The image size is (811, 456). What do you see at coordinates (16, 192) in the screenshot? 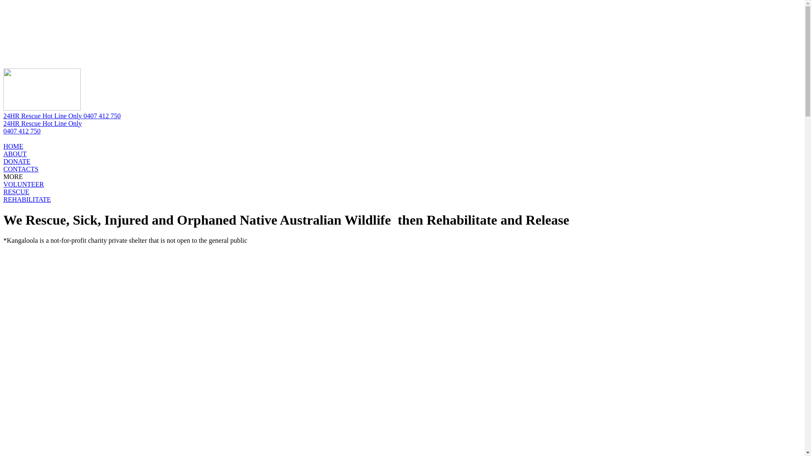
I see `'RESCUE'` at bounding box center [16, 192].